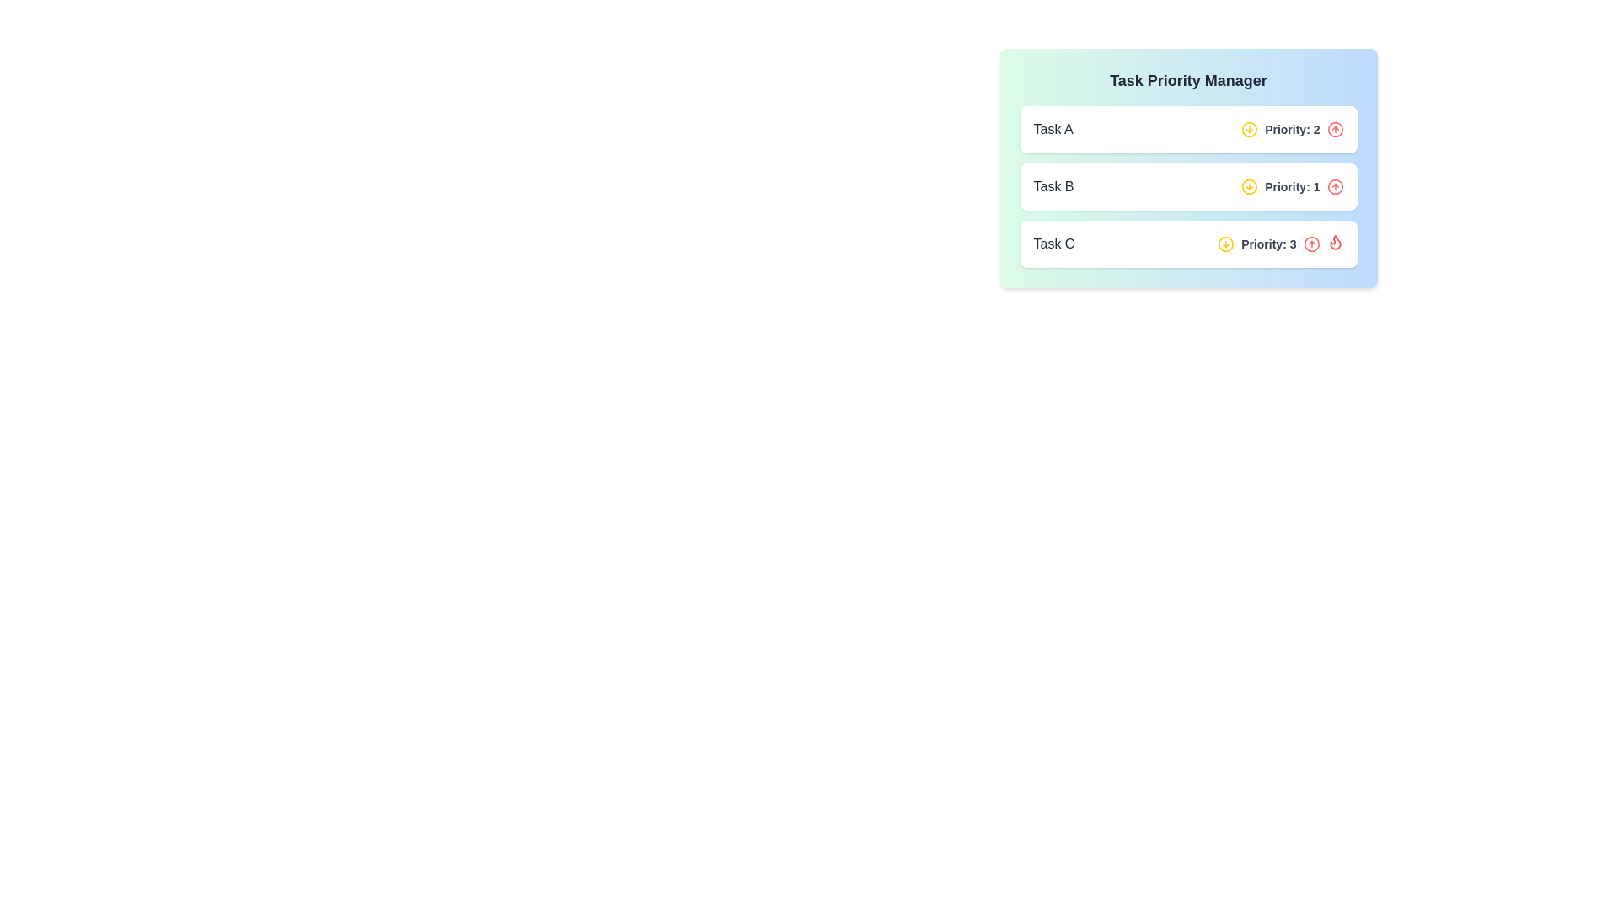  What do you see at coordinates (1334, 187) in the screenshot?
I see `the button to the right of the text 'Priority: 1' for 'Task B' to increment its priority` at bounding box center [1334, 187].